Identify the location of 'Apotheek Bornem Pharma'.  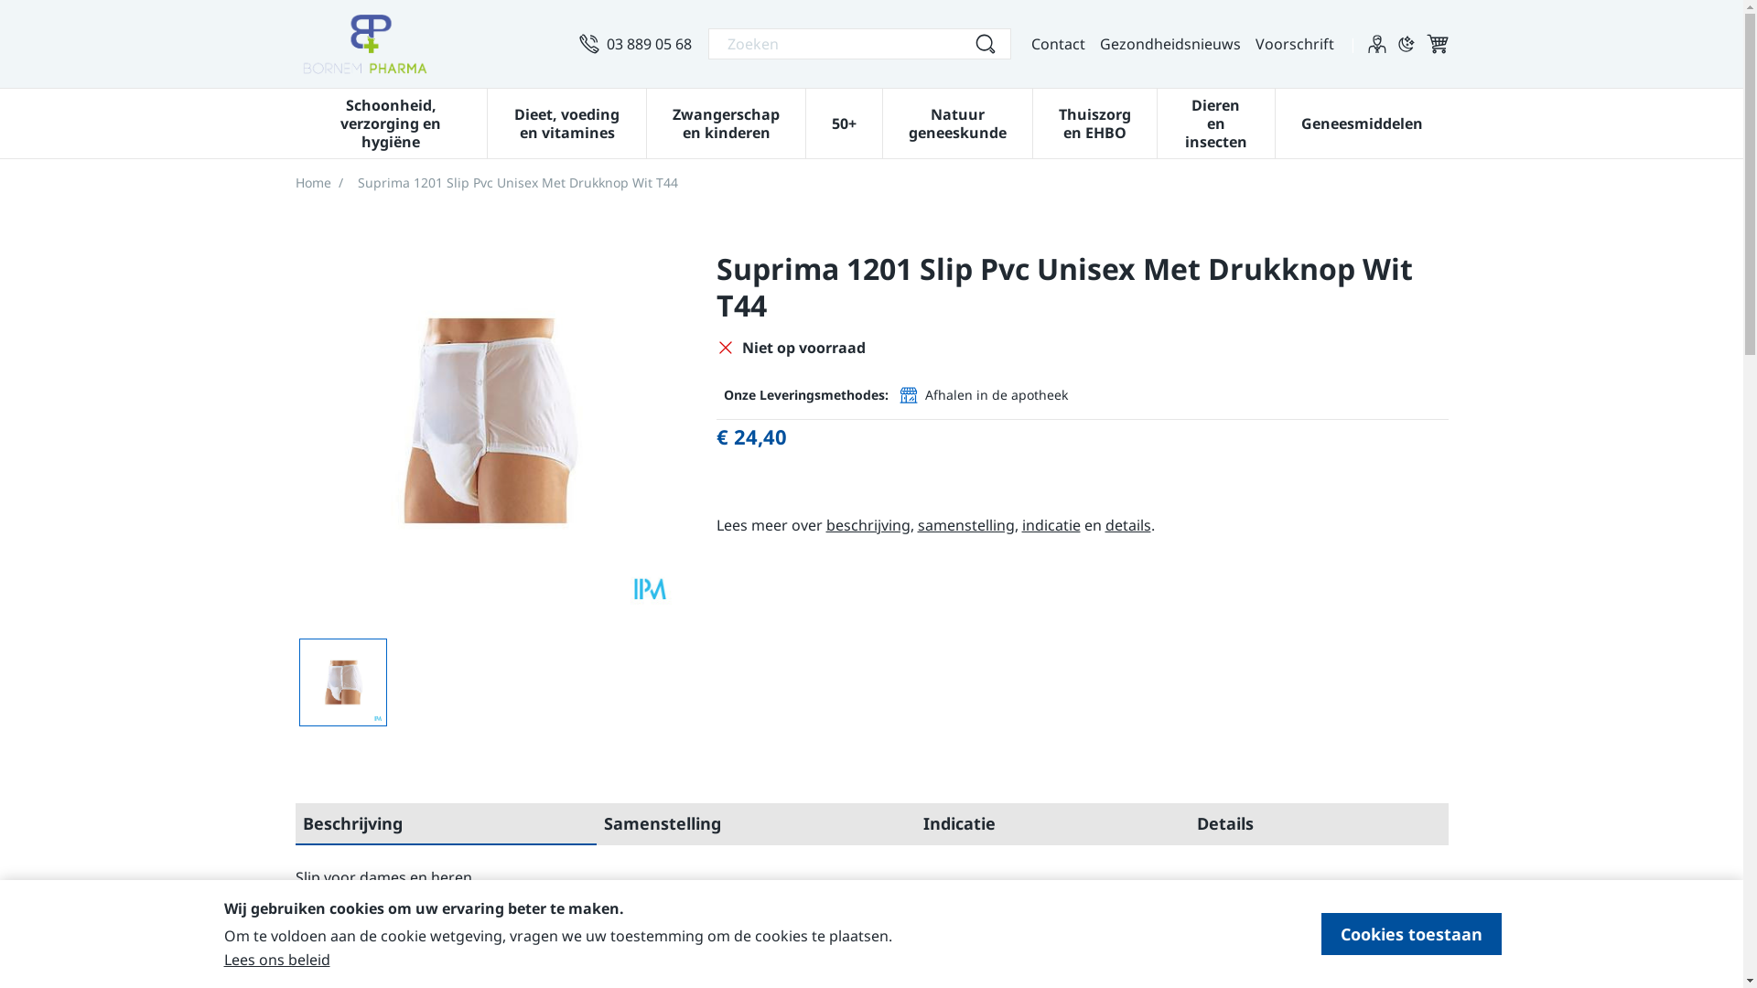
(294, 42).